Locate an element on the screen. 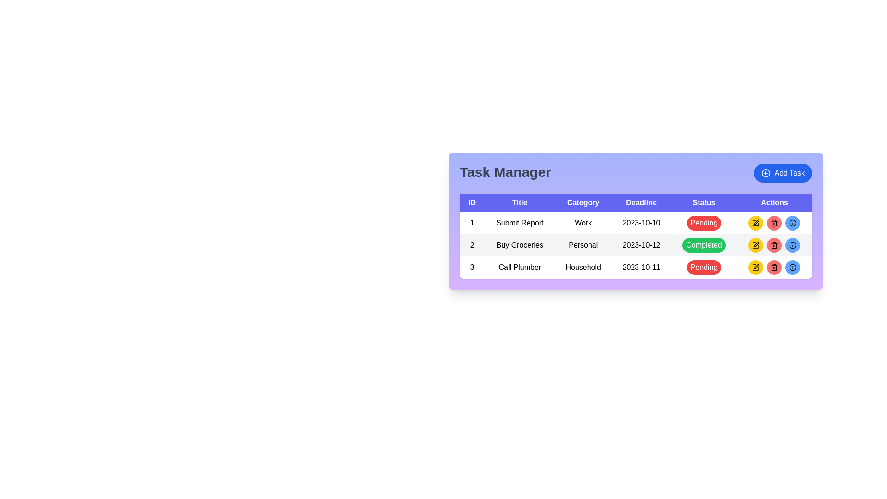 This screenshot has width=887, height=499. the edit icon in the 'Actions' column of the third row in the 'Task Manager' table is located at coordinates (756, 223).